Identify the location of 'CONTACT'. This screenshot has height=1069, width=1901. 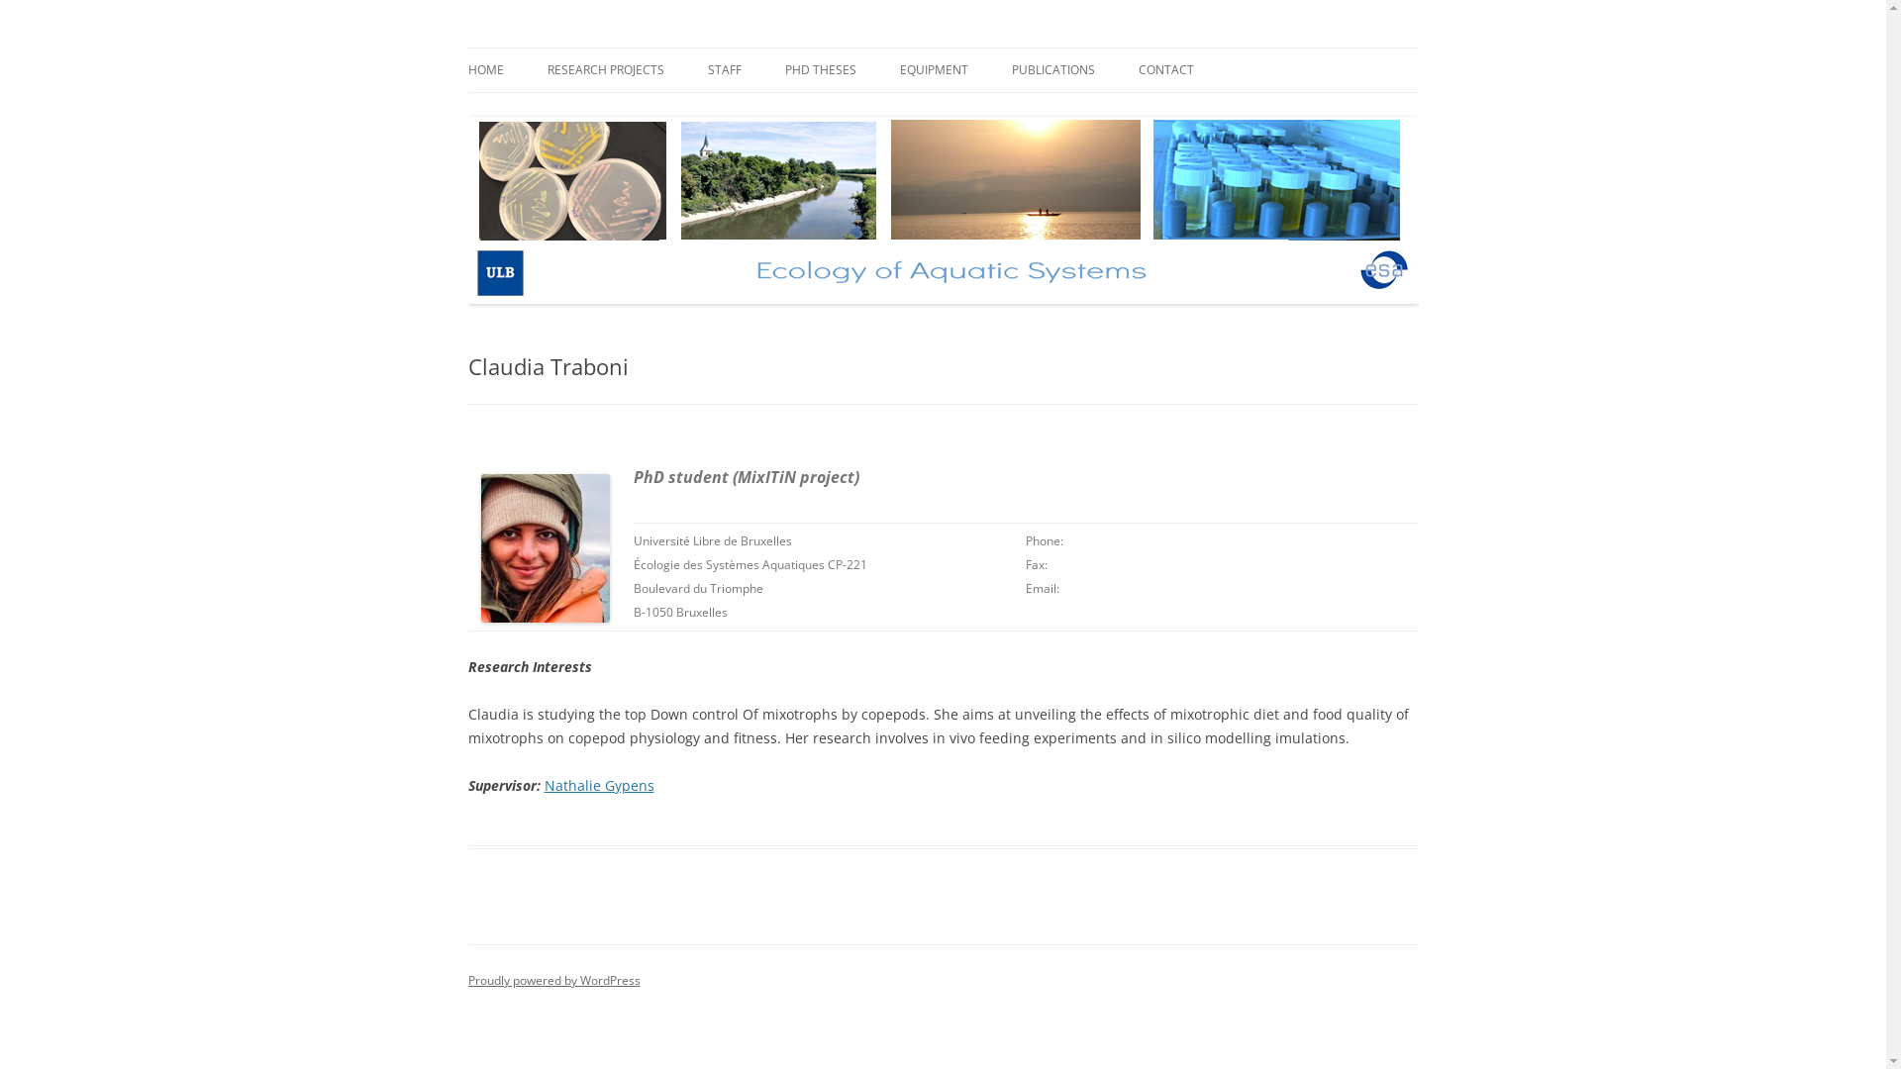
(1165, 68).